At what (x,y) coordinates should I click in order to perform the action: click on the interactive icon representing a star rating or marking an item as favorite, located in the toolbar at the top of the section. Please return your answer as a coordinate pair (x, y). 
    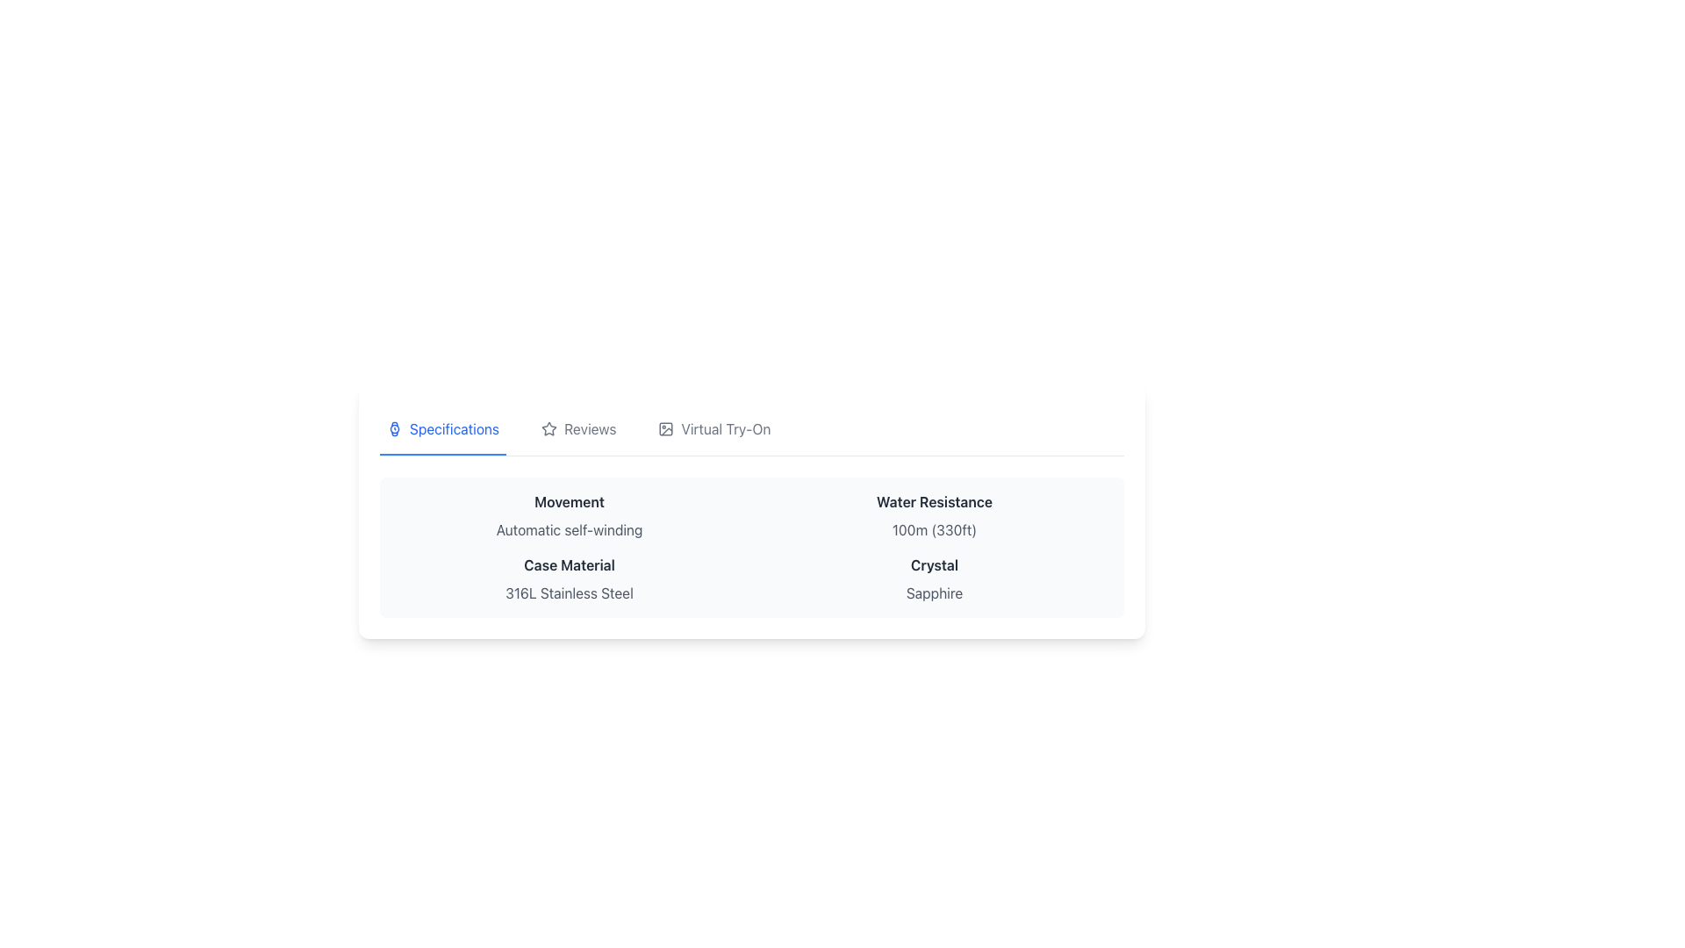
    Looking at the image, I should click on (549, 428).